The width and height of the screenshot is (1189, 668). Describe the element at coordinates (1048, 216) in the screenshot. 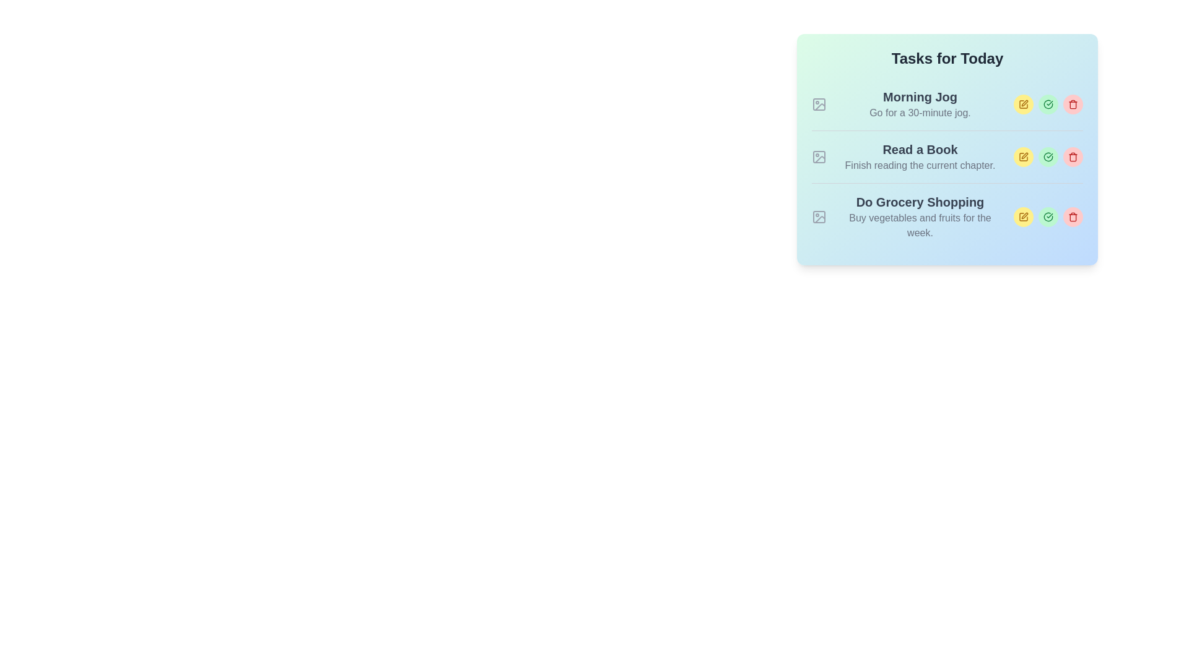

I see `the Icon button that marks the task 'Read a Book' as completed, located in the rightmost column of icons, specifically the middle item` at that location.